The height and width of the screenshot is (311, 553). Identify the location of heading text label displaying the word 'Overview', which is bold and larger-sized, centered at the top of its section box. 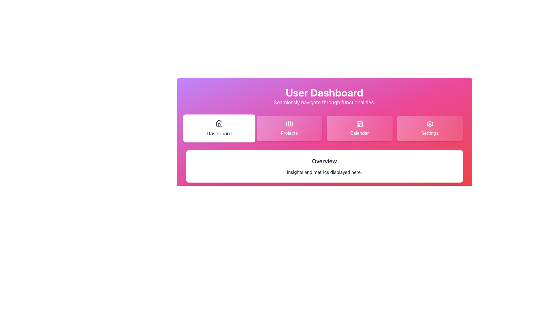
(324, 161).